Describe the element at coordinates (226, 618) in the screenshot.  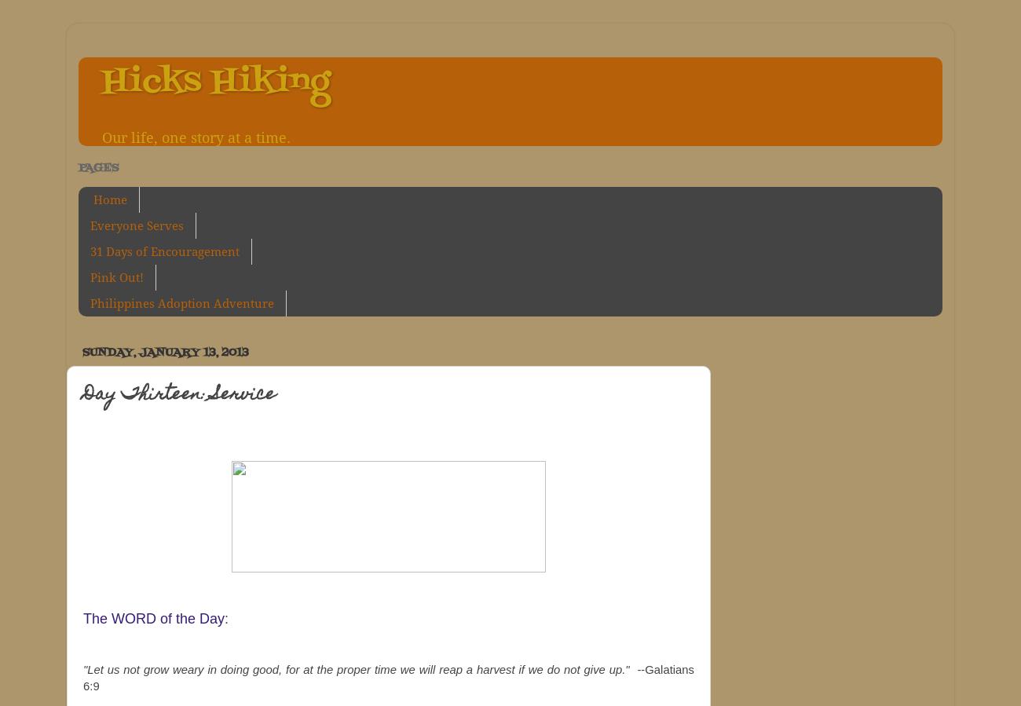
I see `':'` at that location.